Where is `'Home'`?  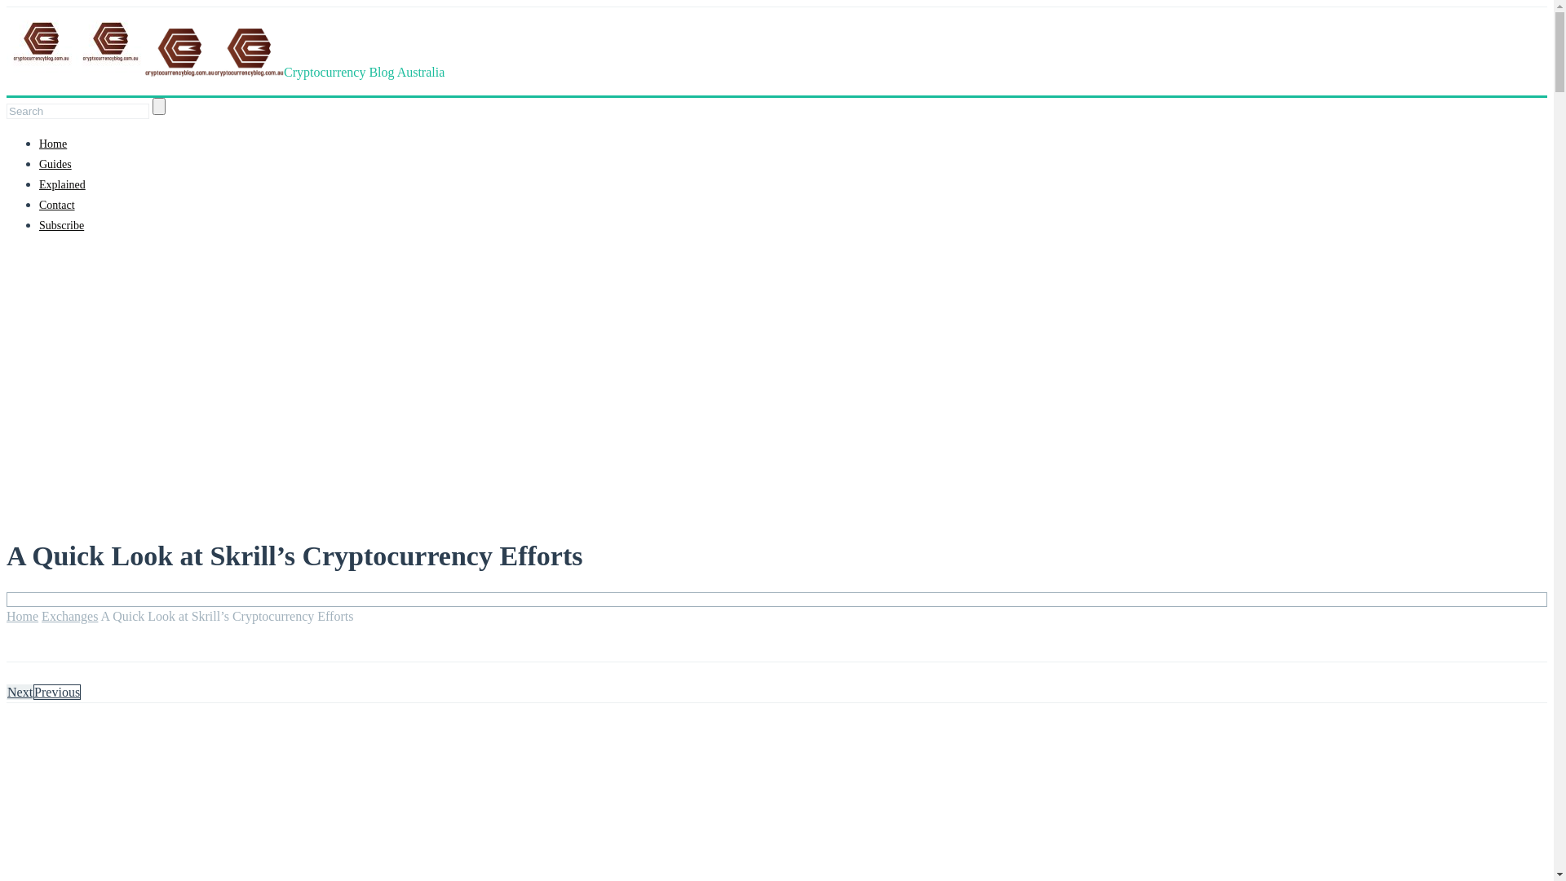 'Home' is located at coordinates (39, 143).